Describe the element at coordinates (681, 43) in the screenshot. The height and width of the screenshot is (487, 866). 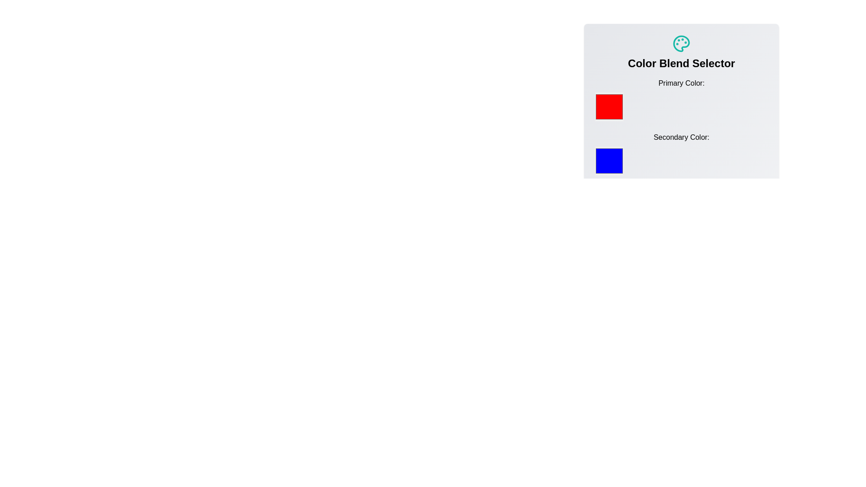
I see `the artist's palette icon with teal accents located at the top center of the 'Color Blend Selector' component, directly above the corresponding text, if it has interactive functionality` at that location.